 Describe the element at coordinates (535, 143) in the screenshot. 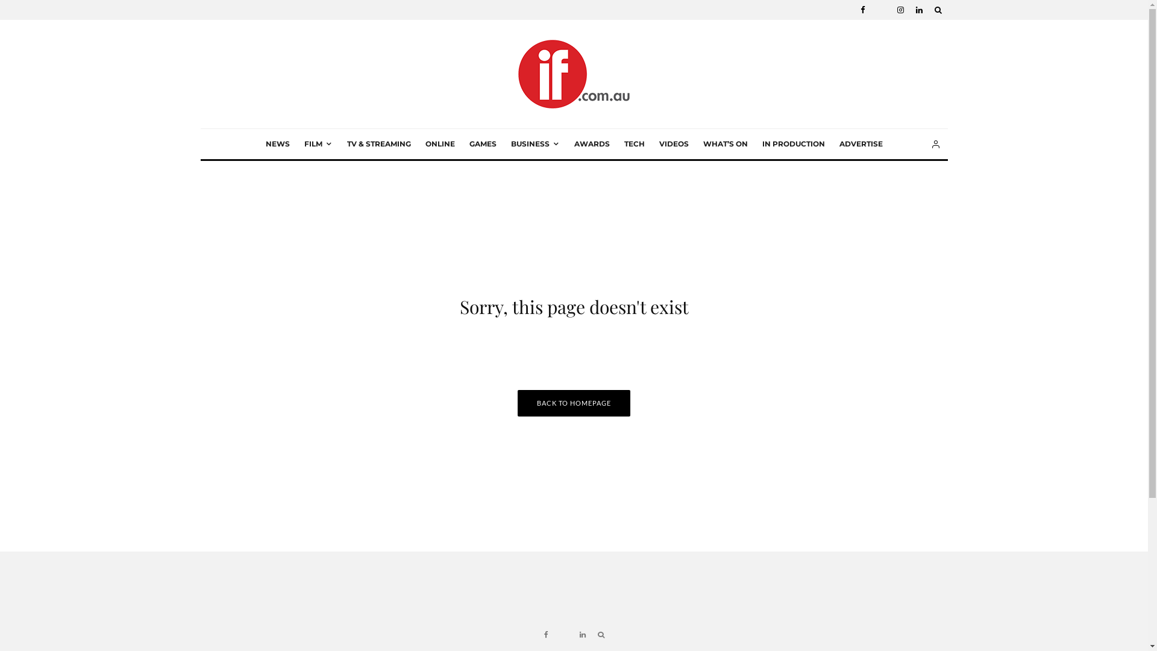

I see `'BUSINESS'` at that location.